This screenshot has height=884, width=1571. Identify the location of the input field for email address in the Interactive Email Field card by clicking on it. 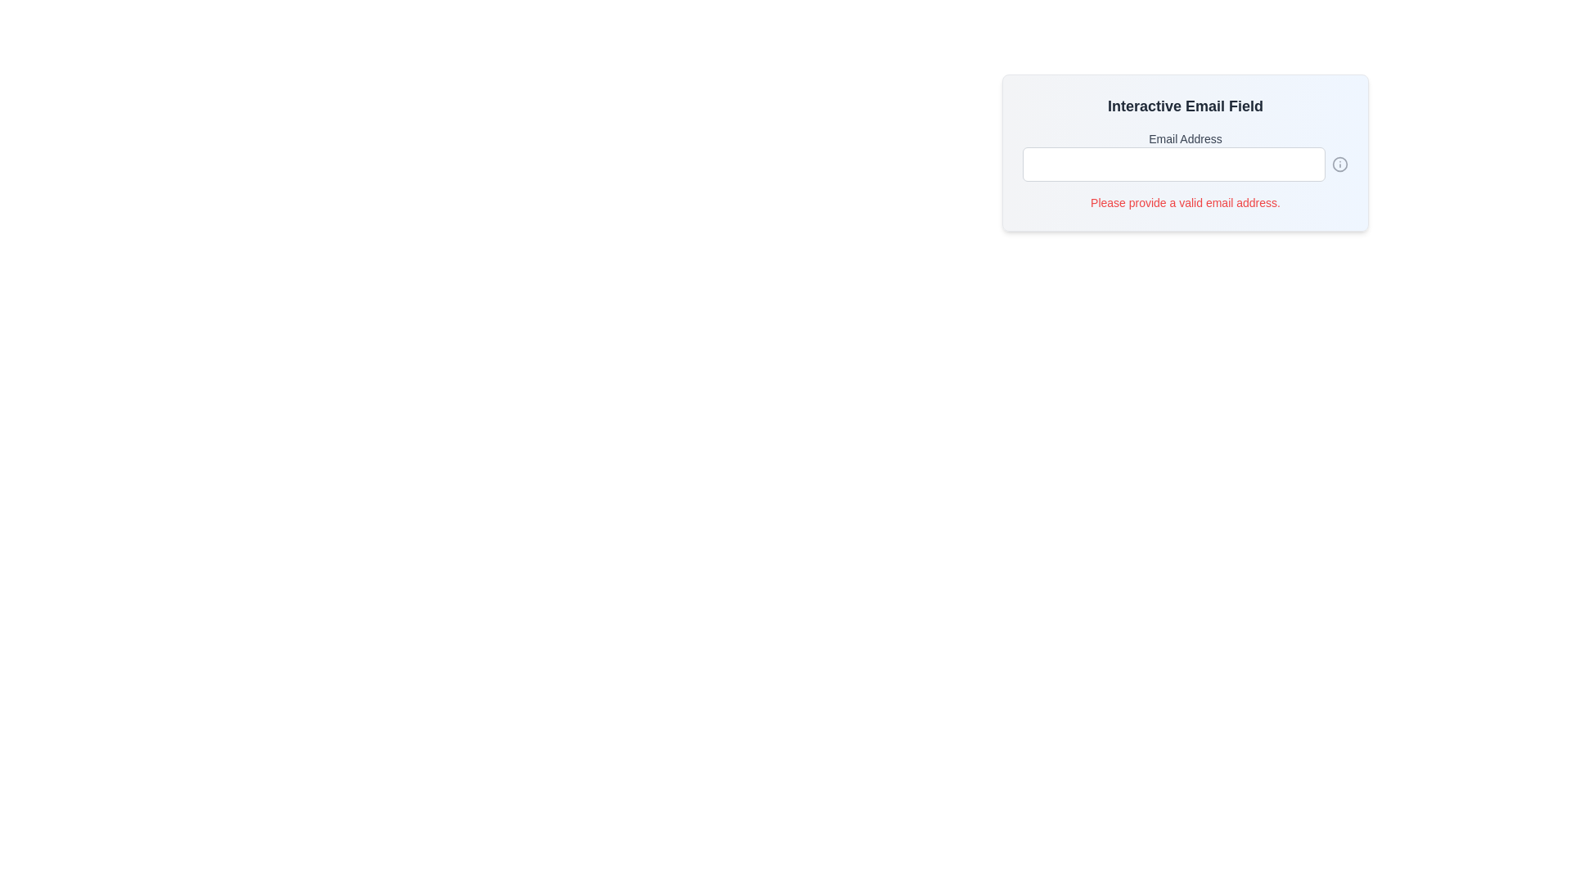
(1186, 152).